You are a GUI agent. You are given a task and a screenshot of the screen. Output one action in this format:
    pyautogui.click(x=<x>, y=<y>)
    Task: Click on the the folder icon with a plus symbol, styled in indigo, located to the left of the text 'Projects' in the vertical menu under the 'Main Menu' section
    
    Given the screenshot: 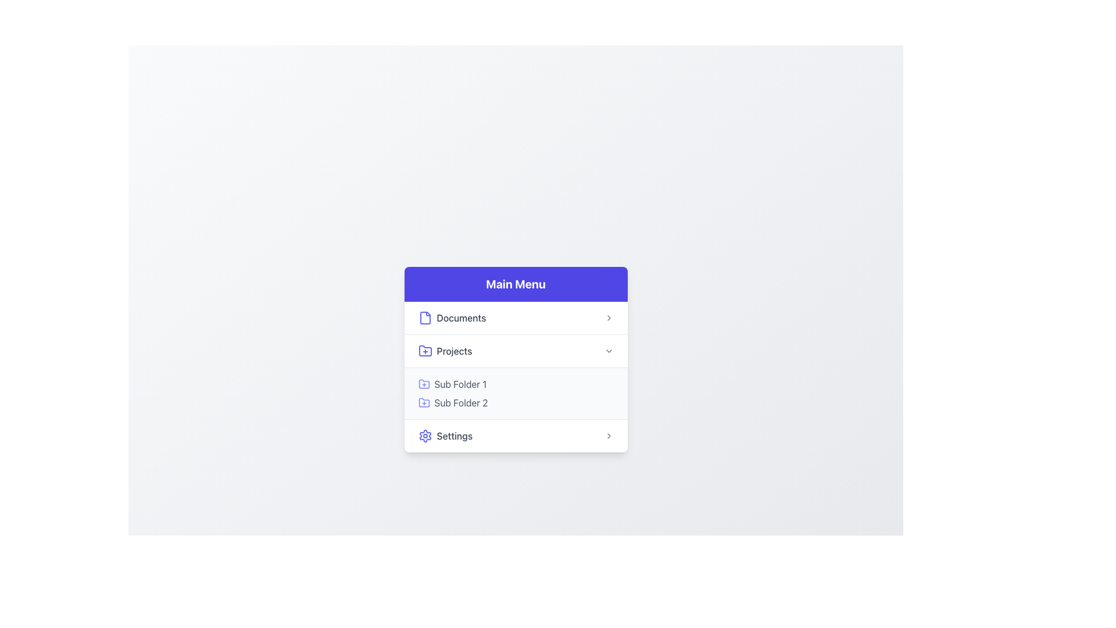 What is the action you would take?
    pyautogui.click(x=424, y=350)
    